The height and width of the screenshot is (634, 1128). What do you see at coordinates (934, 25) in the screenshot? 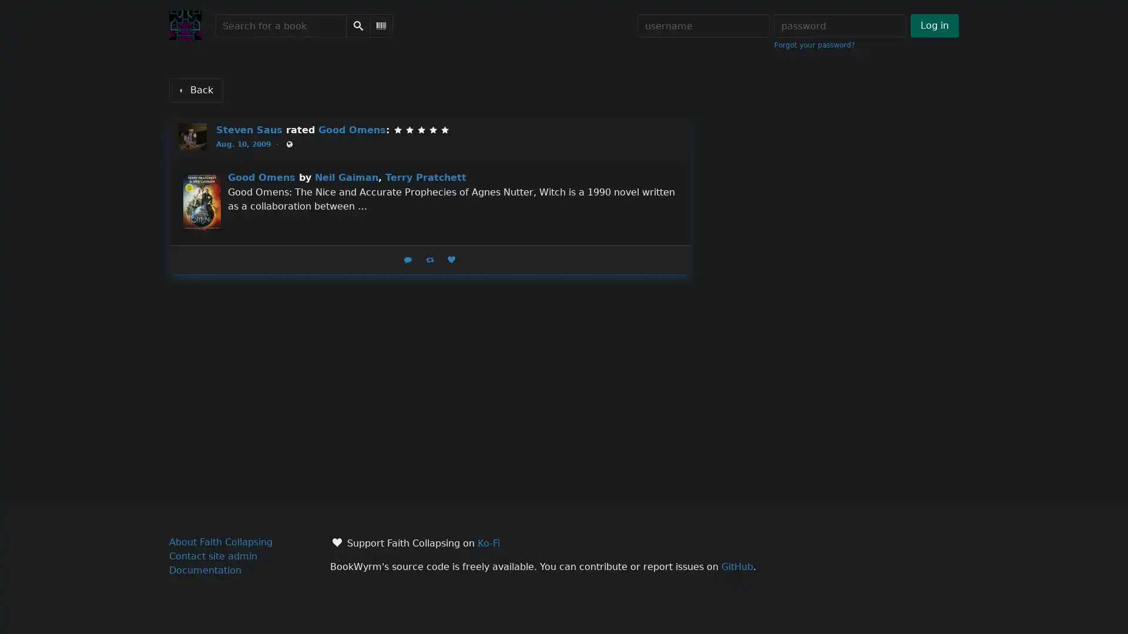
I see `Log in` at bounding box center [934, 25].